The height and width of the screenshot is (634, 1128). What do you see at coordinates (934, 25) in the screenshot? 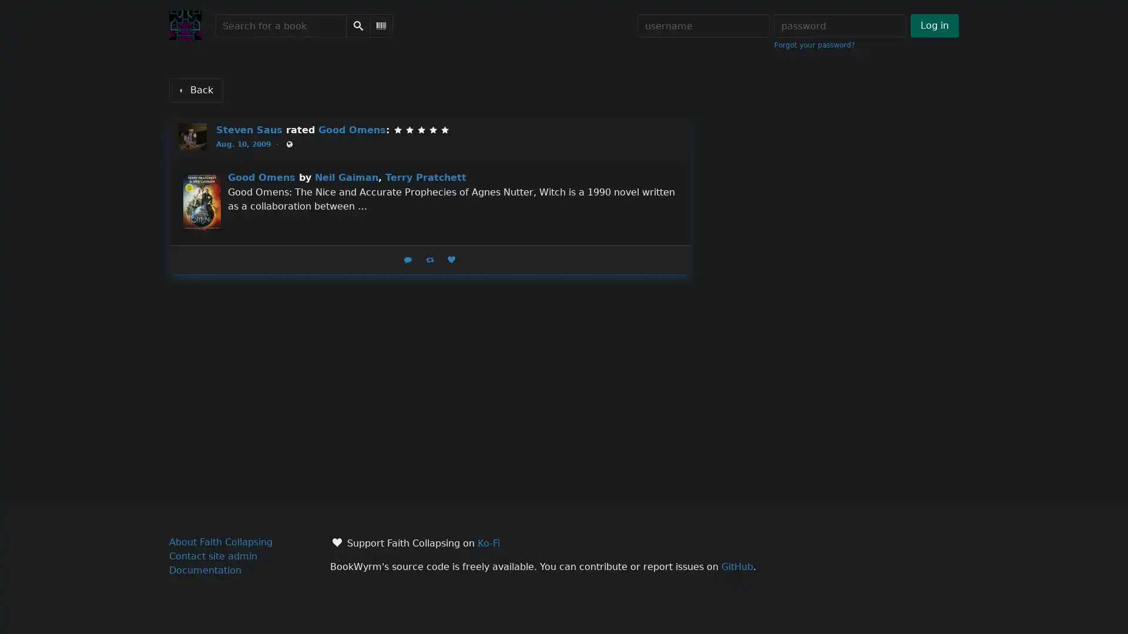
I see `Log in` at bounding box center [934, 25].